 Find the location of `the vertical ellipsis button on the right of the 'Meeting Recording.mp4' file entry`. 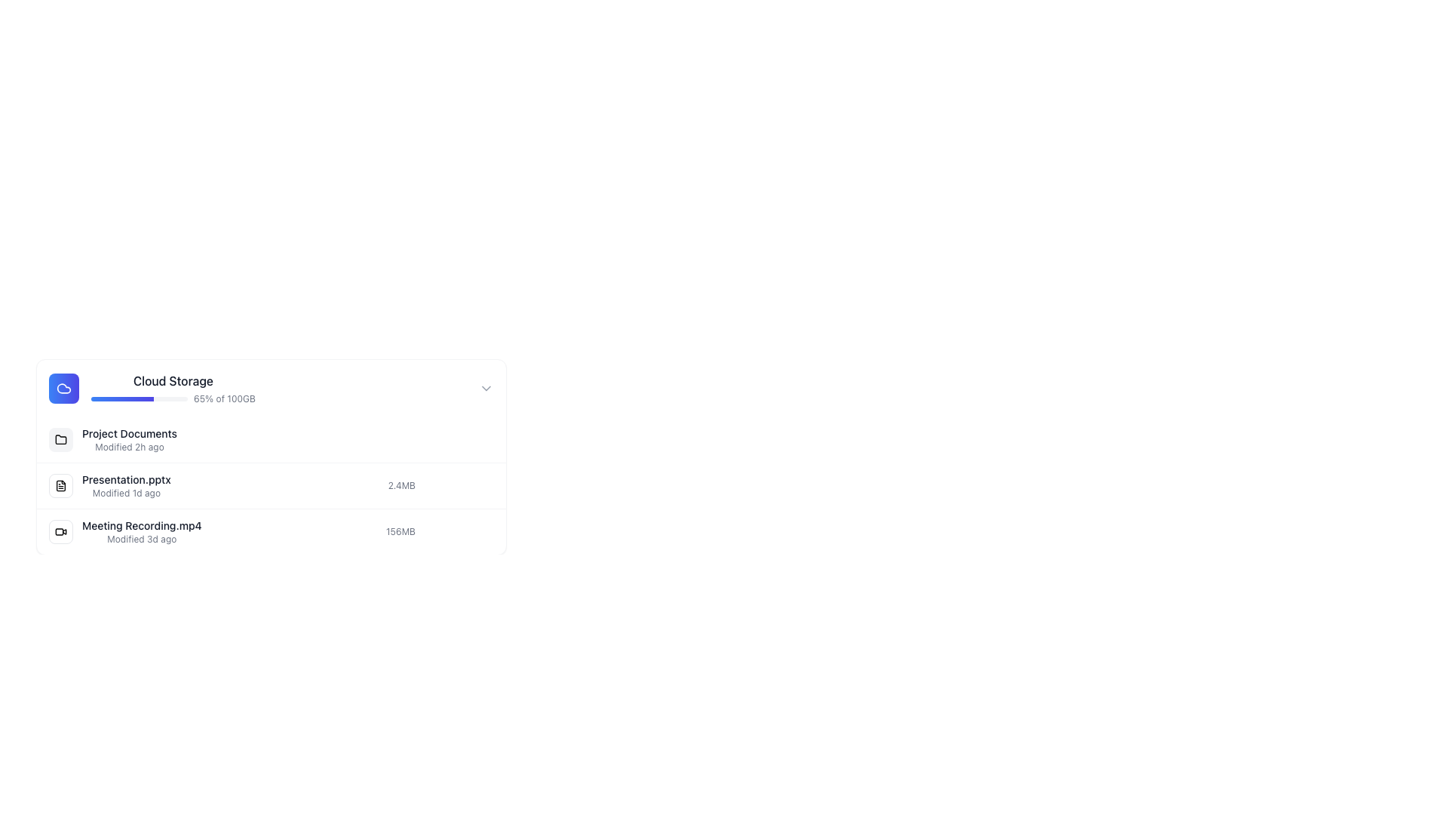

the vertical ellipsis button on the right of the 'Meeting Recording.mp4' file entry is located at coordinates (485, 531).